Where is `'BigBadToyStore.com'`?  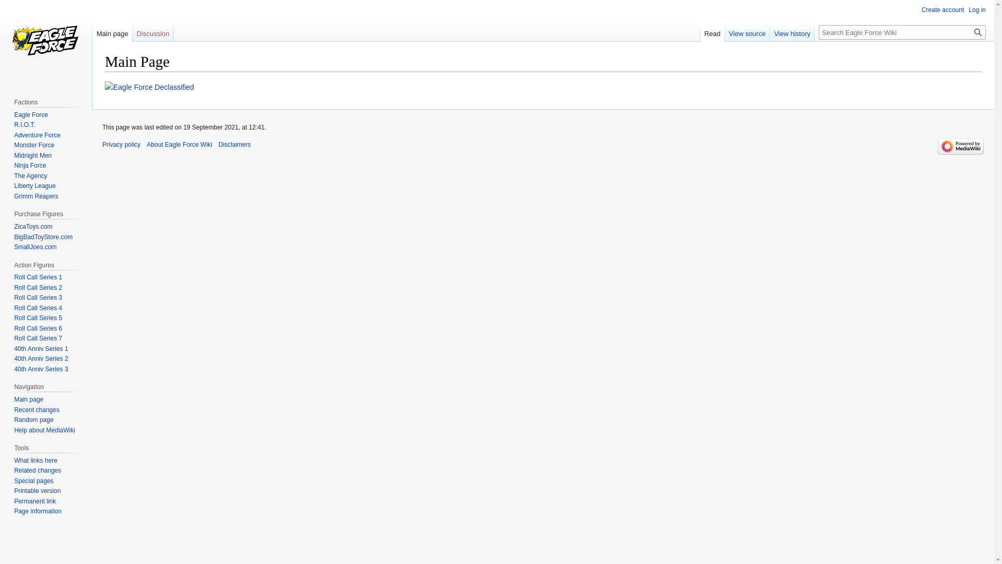
'BigBadToyStore.com' is located at coordinates (14, 237).